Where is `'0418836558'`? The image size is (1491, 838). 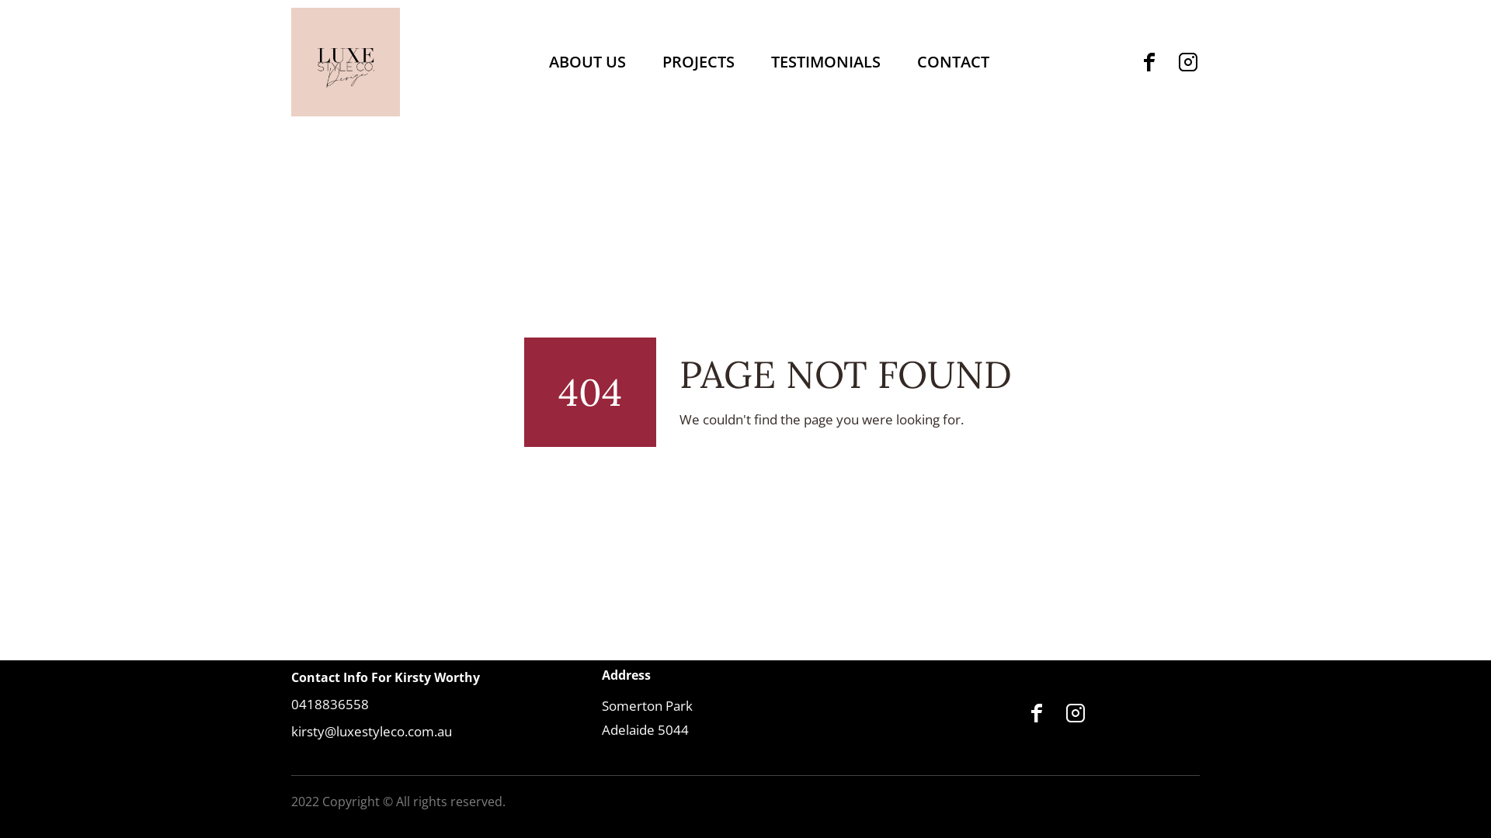 '0418836558' is located at coordinates (329, 704).